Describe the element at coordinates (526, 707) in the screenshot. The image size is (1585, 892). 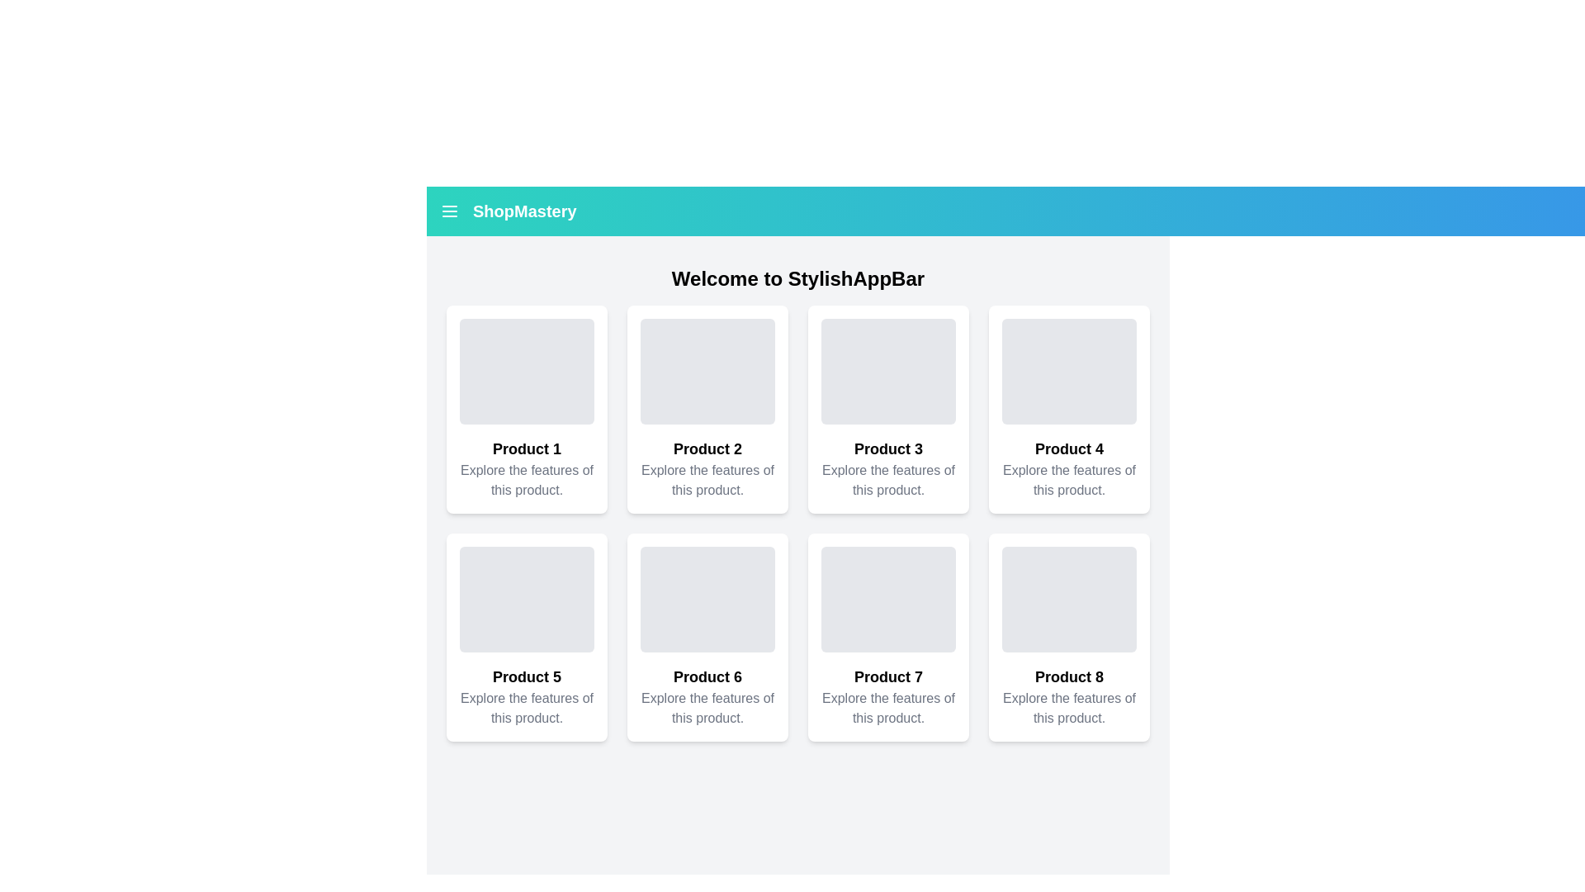
I see `the text element reading 'Explore the features of this product.' located underneath the 'Product 5' title in the second row, first column of a 3x3 grid to trigger any tooltips if present` at that location.